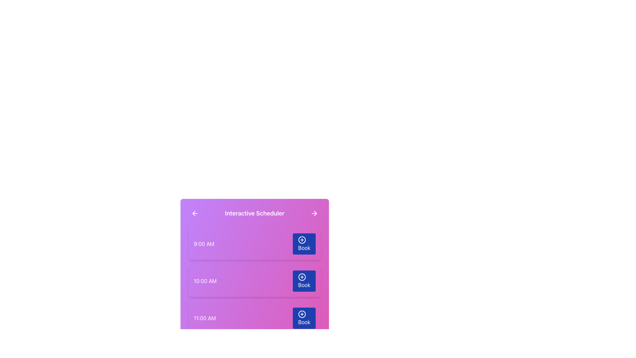  I want to click on the forward navigation arrow located in the top-right corner of the interactive scheduler's header bar, so click(314, 213).